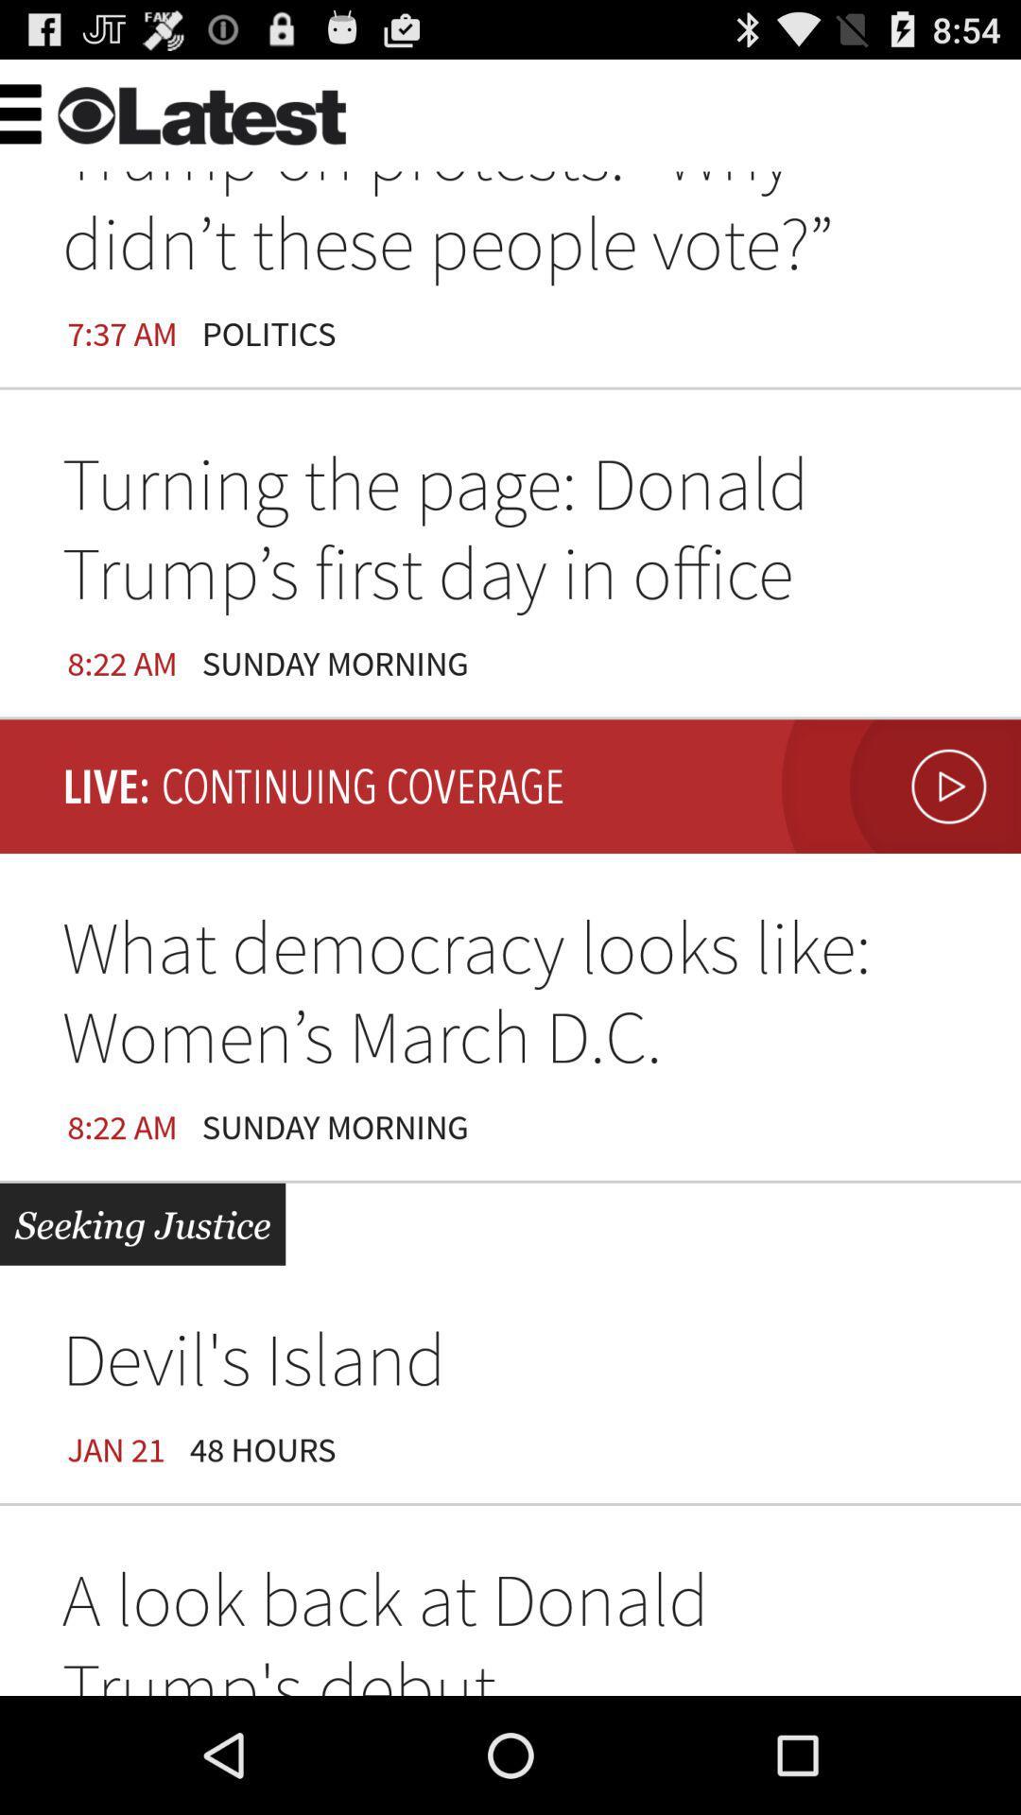 This screenshot has height=1815, width=1021. I want to click on open options, so click(61, 111).